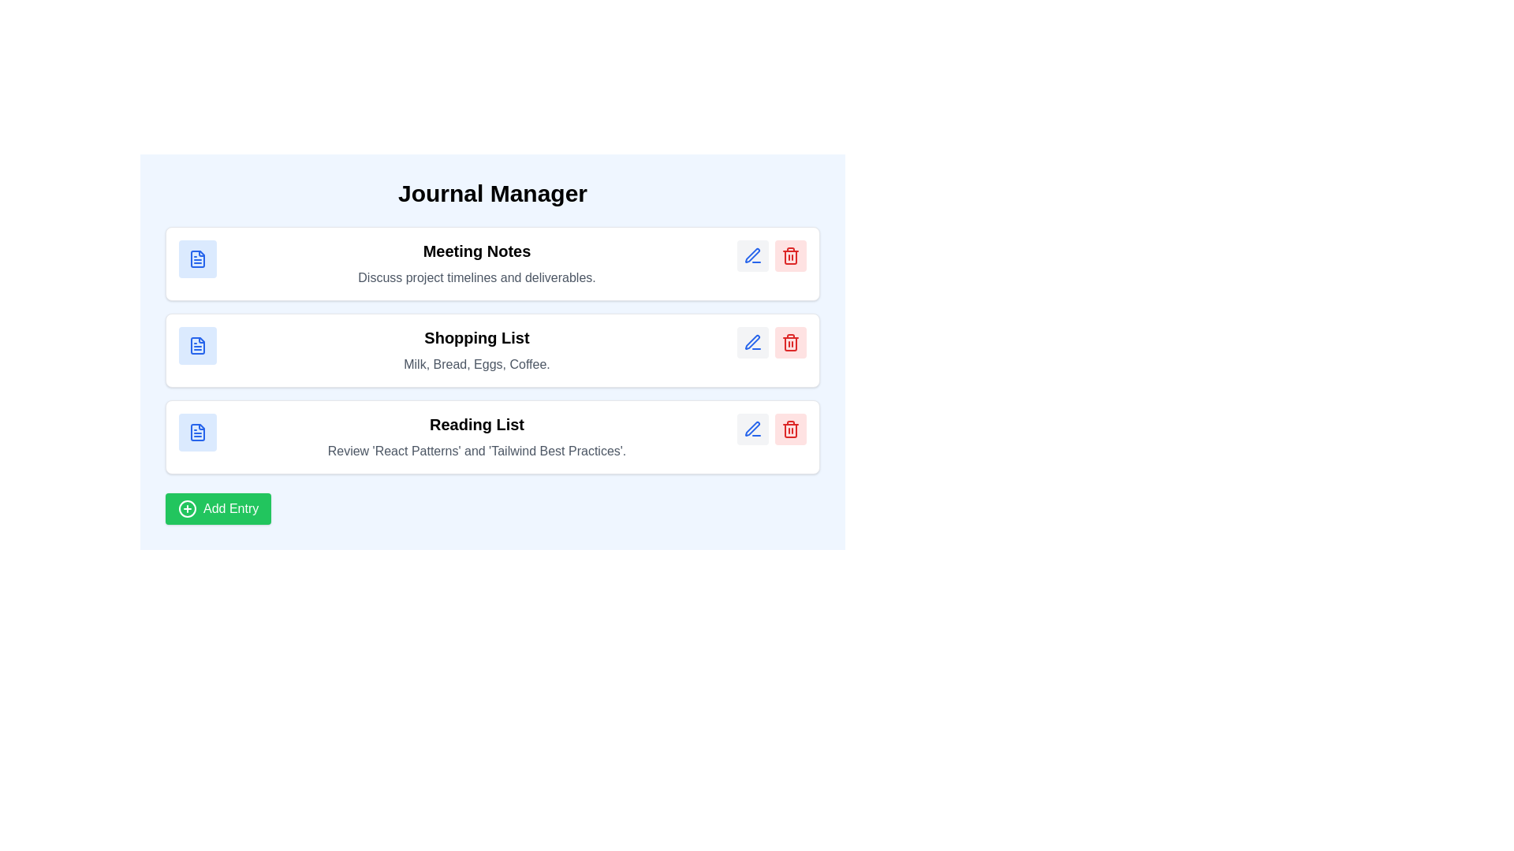 This screenshot has height=851, width=1514. What do you see at coordinates (196, 432) in the screenshot?
I see `the document icon representing the 'Reading List' section` at bounding box center [196, 432].